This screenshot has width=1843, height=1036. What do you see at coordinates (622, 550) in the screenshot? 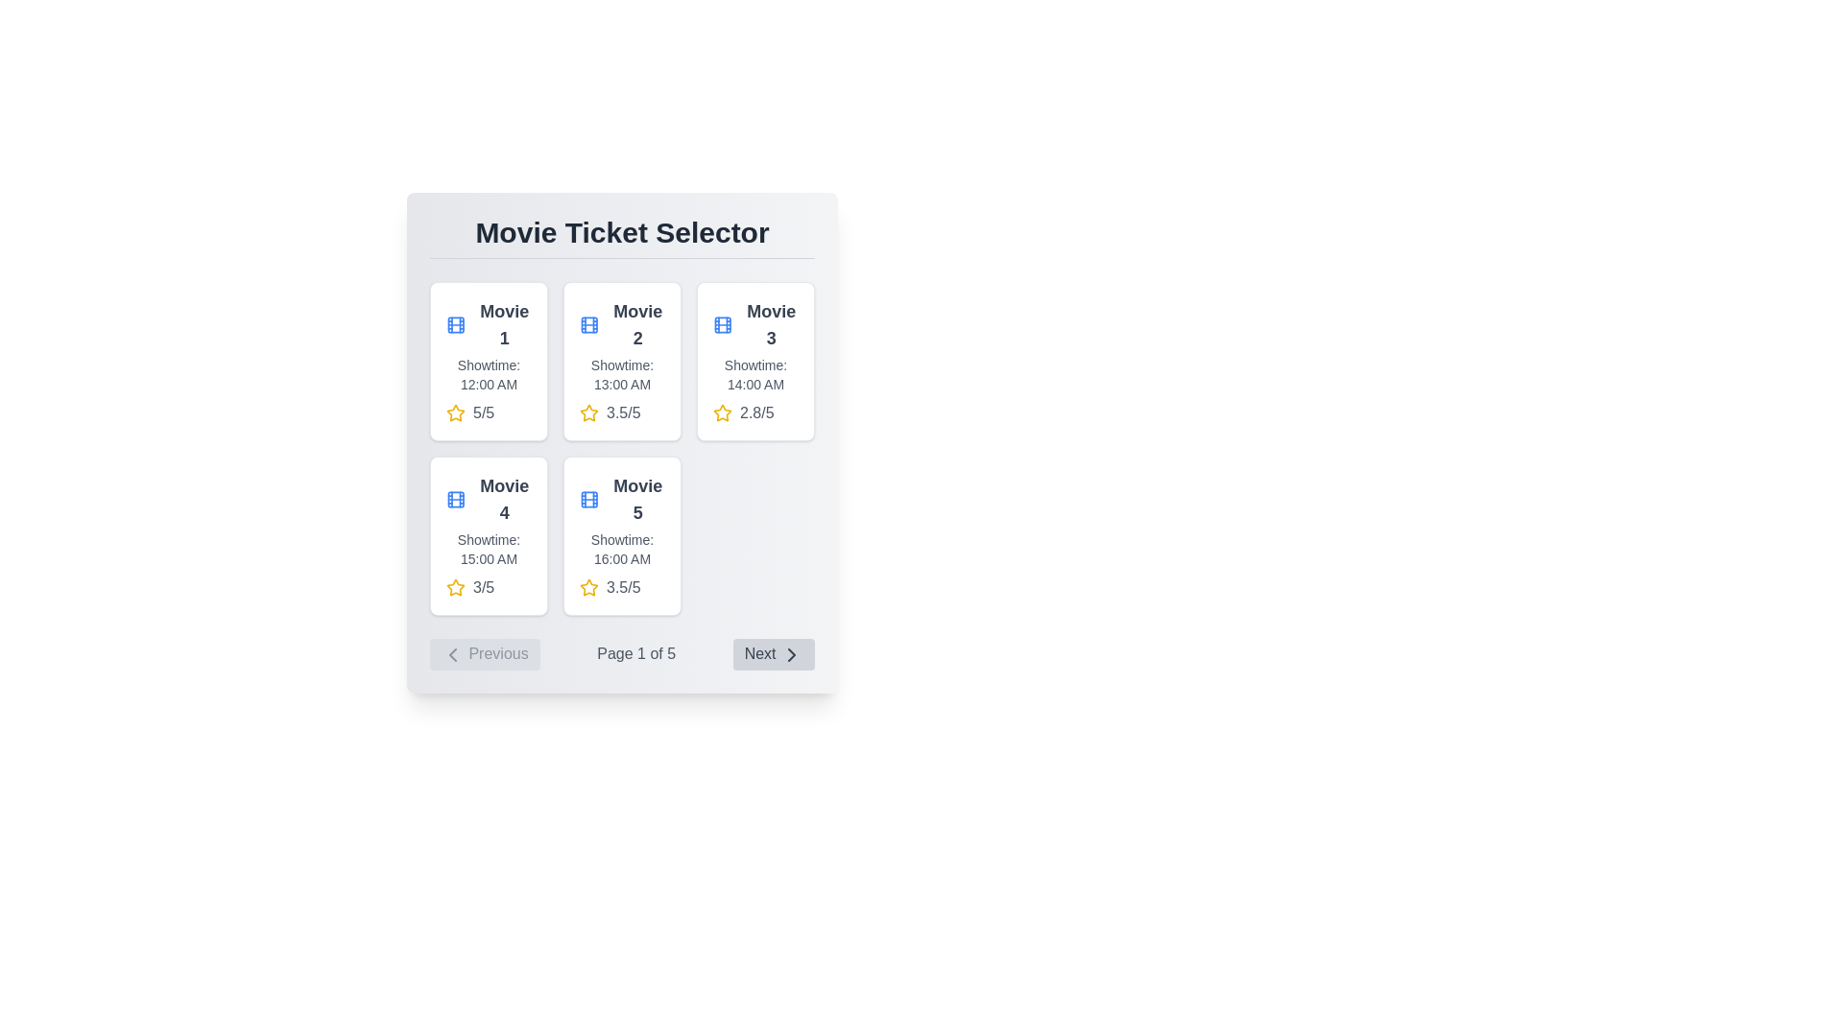
I see `the text display showing 'Showtime: 16:00 AM', which is styled with a small gray font and located below the title 'Movie 5' in the card` at bounding box center [622, 550].